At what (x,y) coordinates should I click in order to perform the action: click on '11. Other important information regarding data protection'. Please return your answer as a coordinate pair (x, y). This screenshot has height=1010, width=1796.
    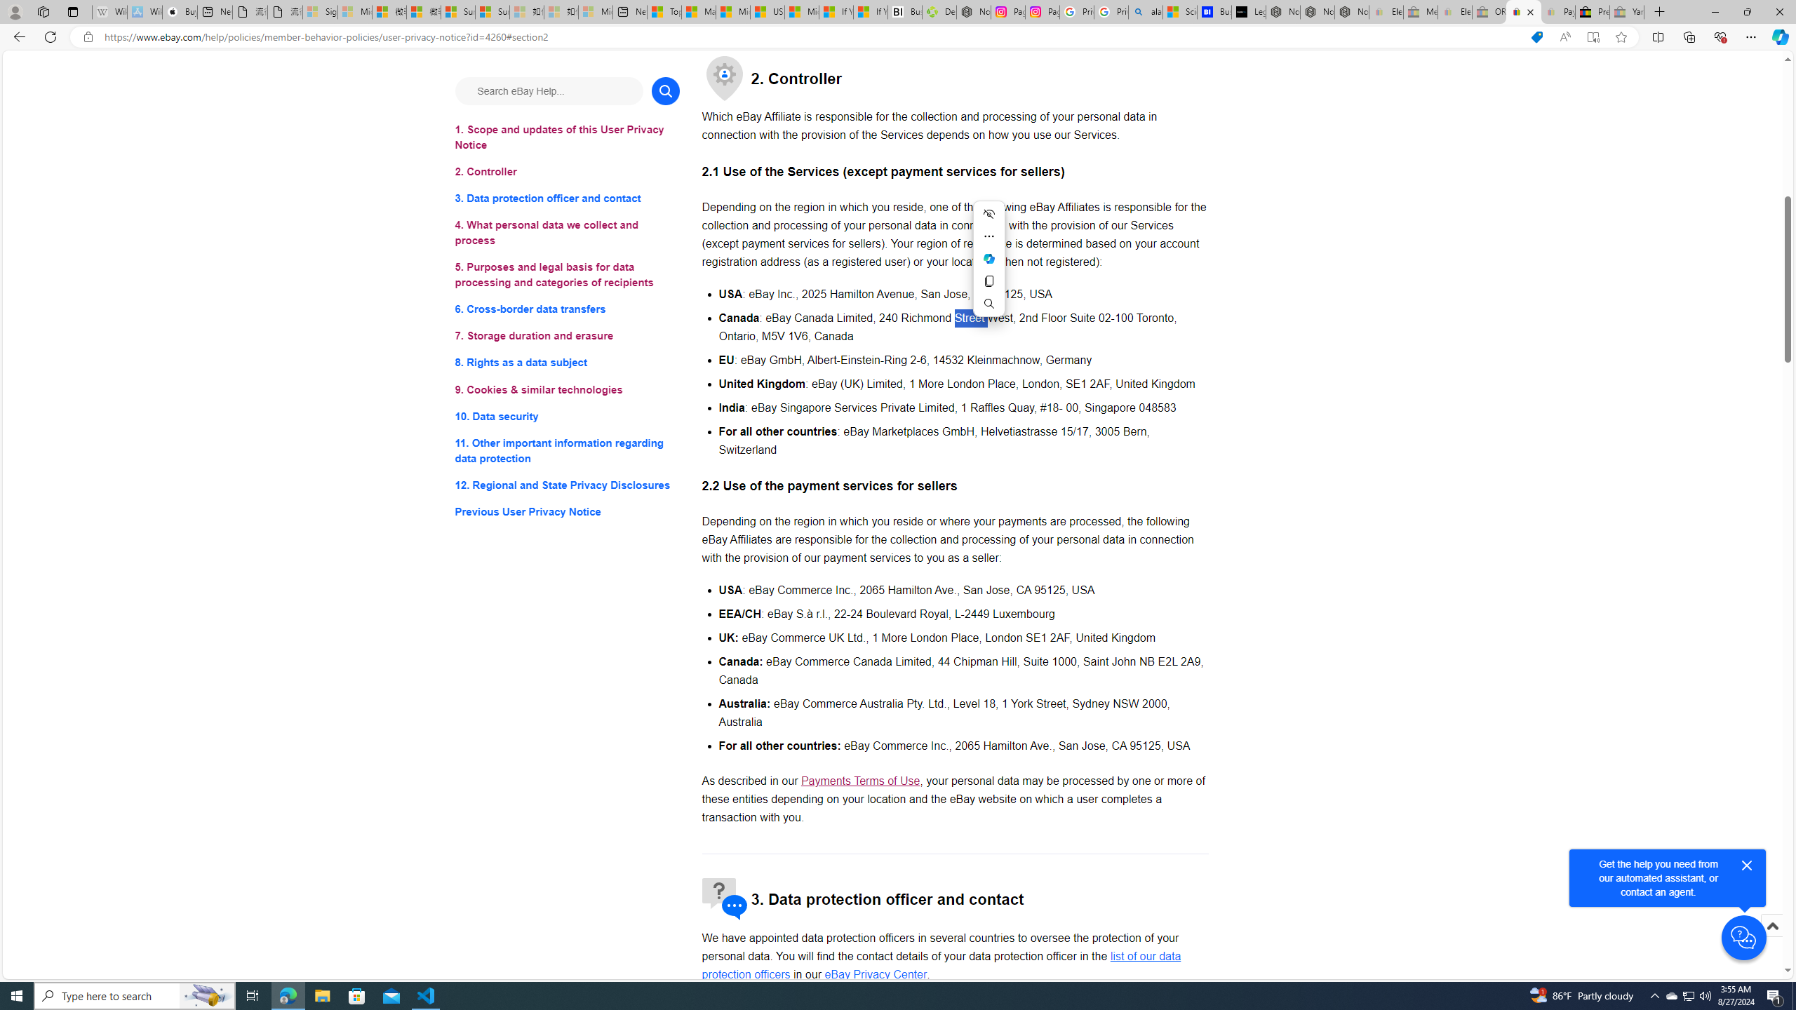
    Looking at the image, I should click on (566, 450).